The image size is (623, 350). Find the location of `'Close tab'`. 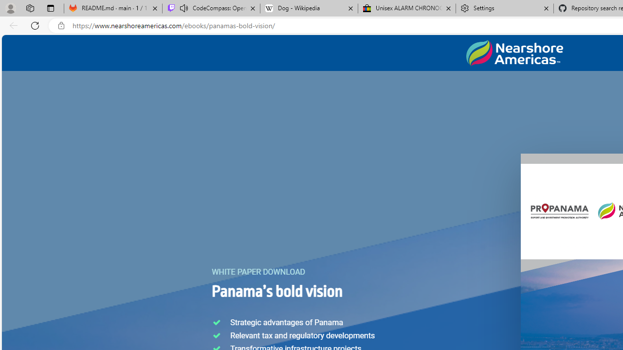

'Close tab' is located at coordinates (546, 8).